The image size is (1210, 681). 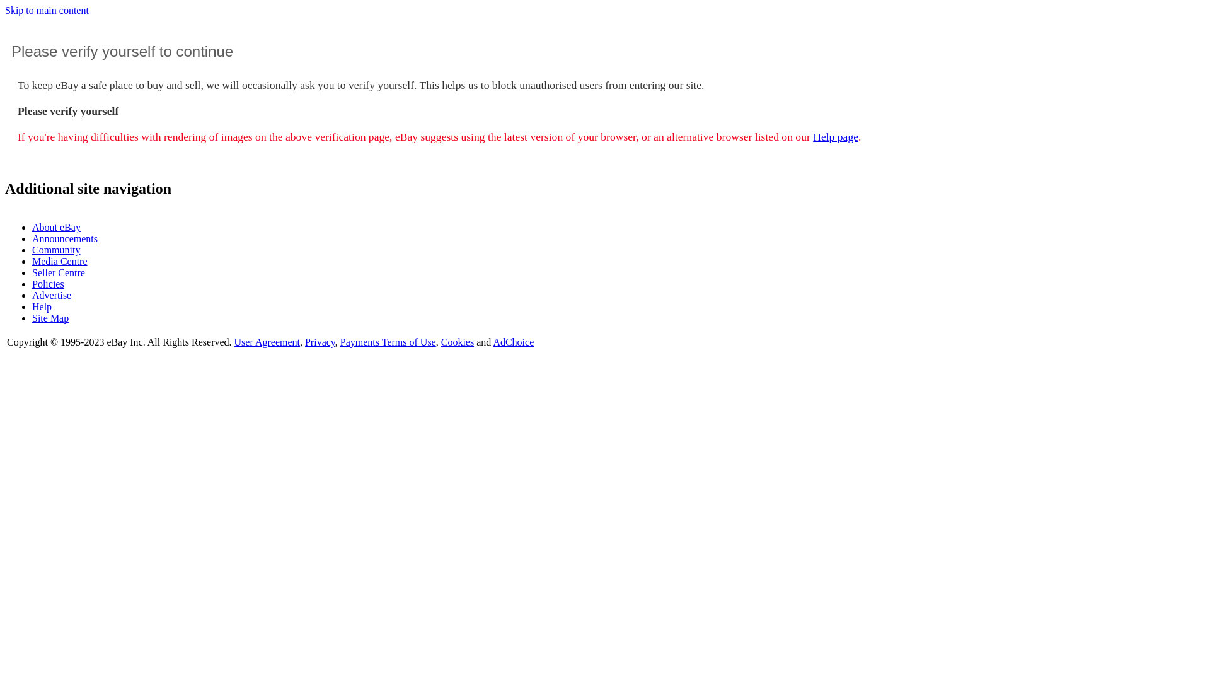 What do you see at coordinates (32, 295) in the screenshot?
I see `'Advertise'` at bounding box center [32, 295].